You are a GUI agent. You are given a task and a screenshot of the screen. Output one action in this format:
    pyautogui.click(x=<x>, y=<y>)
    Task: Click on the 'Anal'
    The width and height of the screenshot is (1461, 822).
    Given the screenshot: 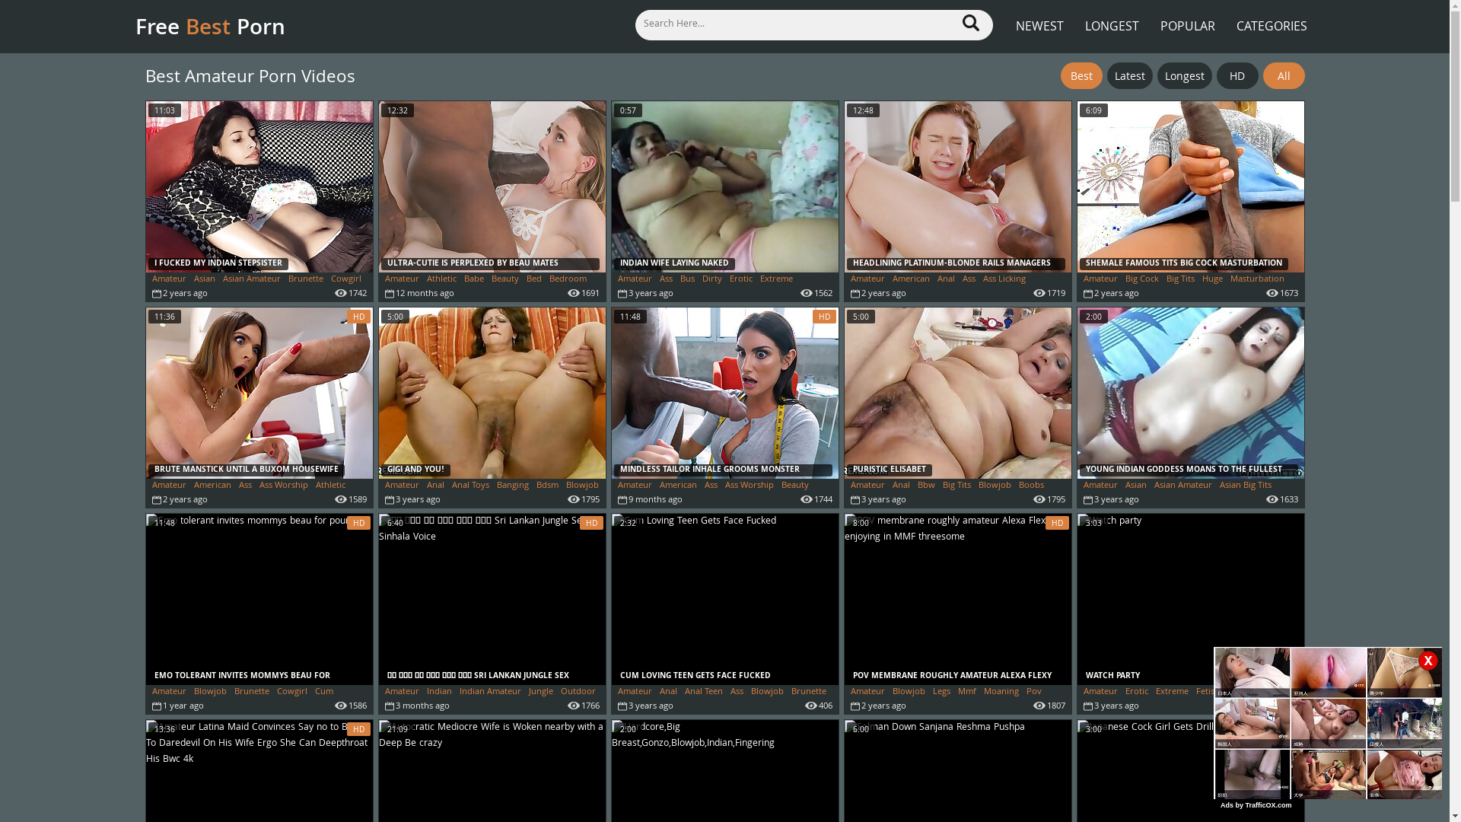 What is the action you would take?
    pyautogui.click(x=667, y=692)
    